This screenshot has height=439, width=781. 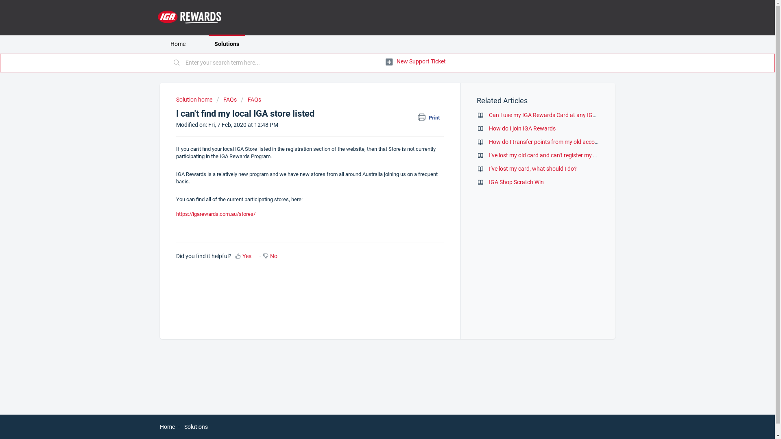 I want to click on 'FAQs', so click(x=251, y=99).